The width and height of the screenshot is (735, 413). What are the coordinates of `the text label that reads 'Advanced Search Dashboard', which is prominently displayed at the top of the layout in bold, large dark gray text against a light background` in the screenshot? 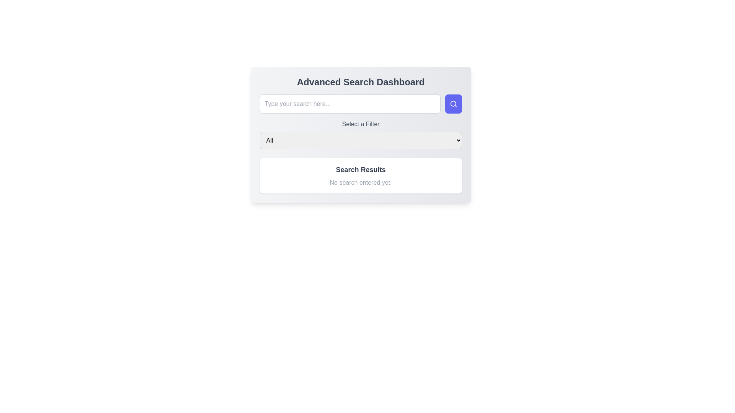 It's located at (360, 82).